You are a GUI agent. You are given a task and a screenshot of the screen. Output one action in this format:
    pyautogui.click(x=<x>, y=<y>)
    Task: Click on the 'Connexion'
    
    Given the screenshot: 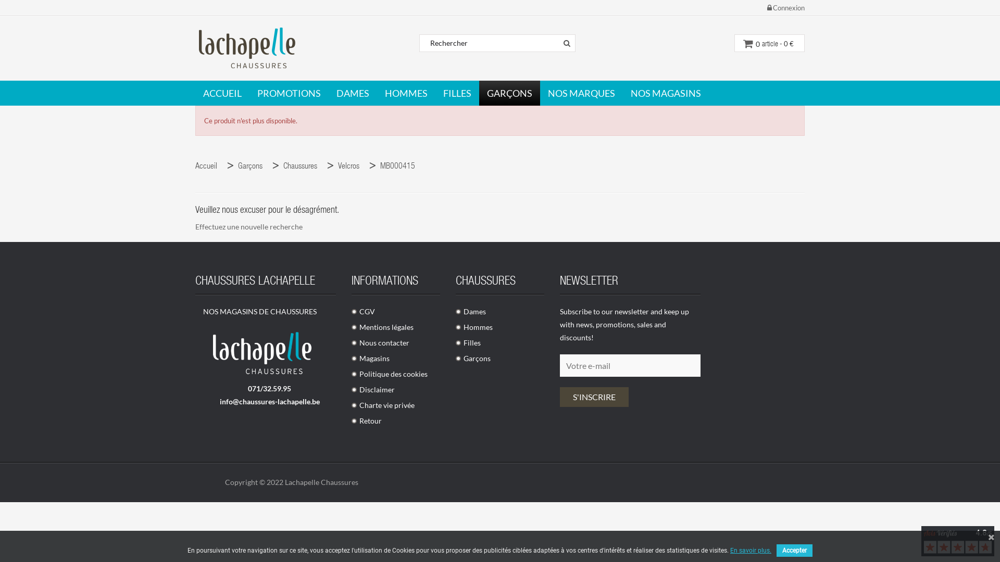 What is the action you would take?
    pyautogui.click(x=785, y=8)
    